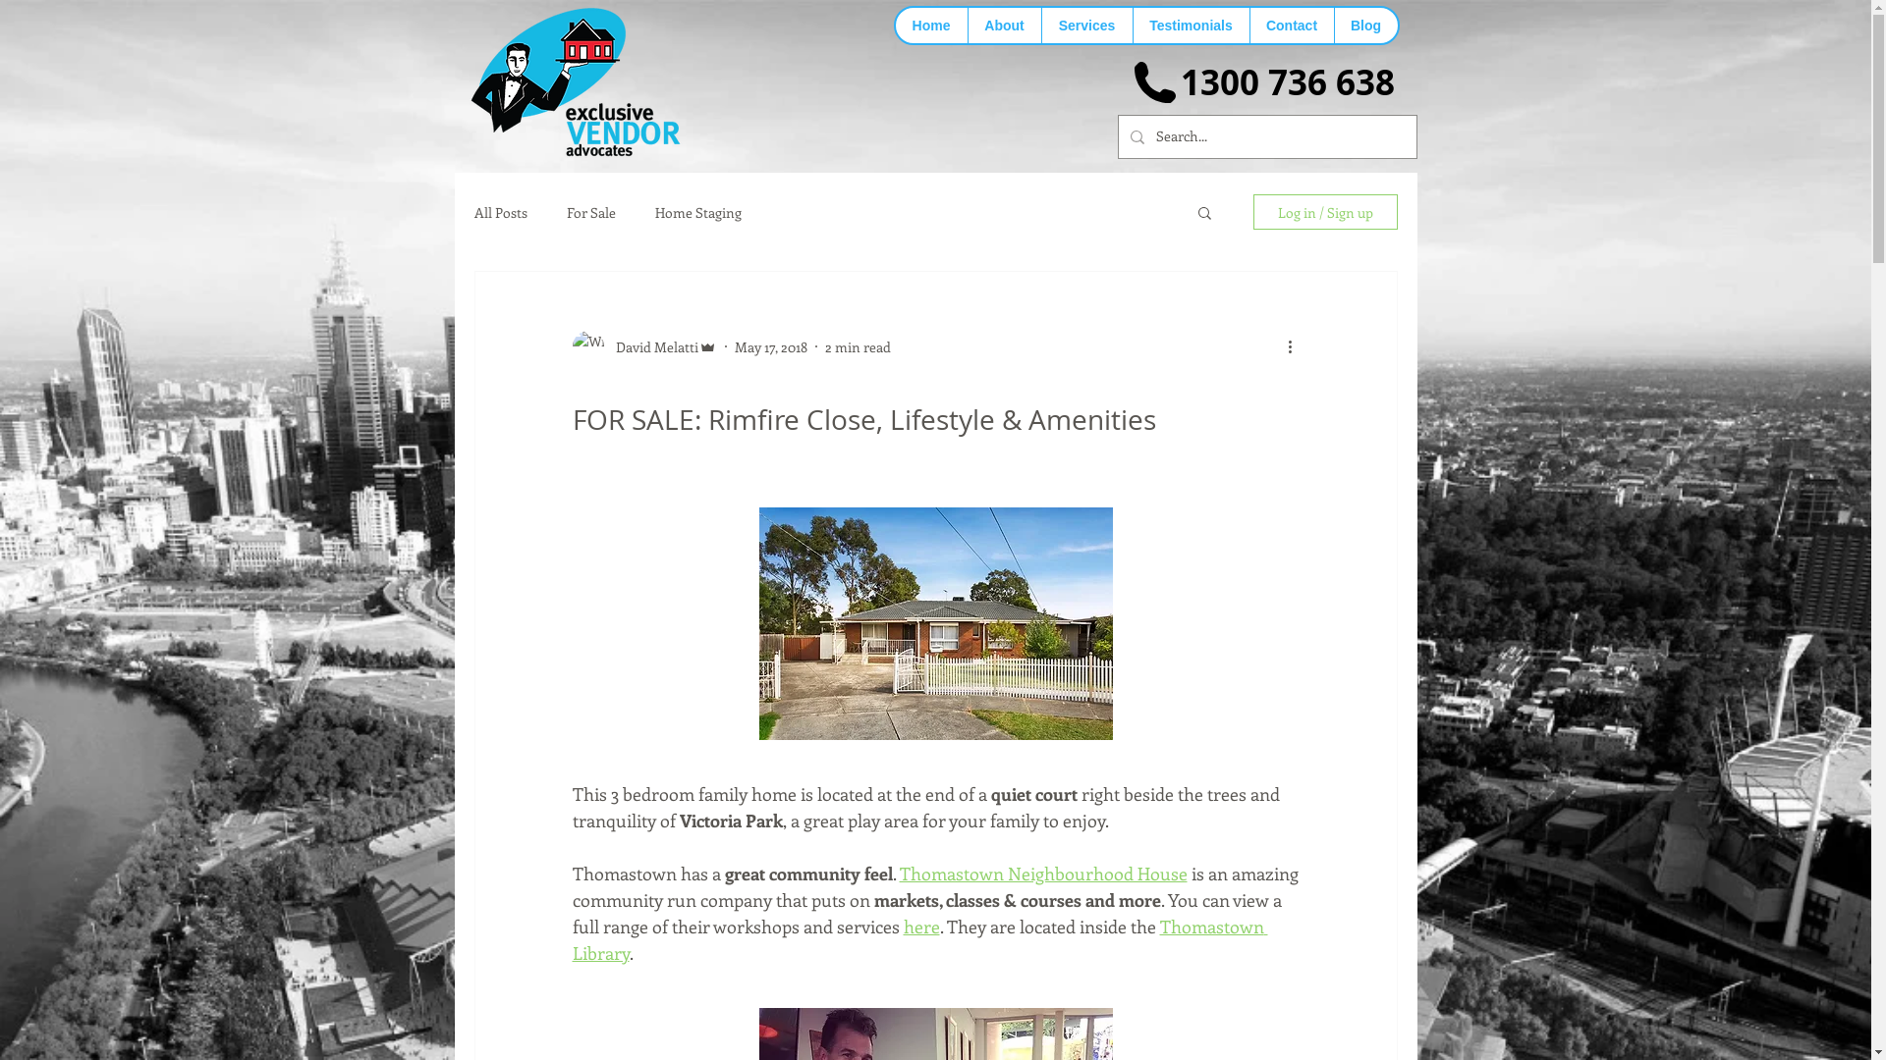 The image size is (1886, 1060). I want to click on 'About', so click(1003, 26).